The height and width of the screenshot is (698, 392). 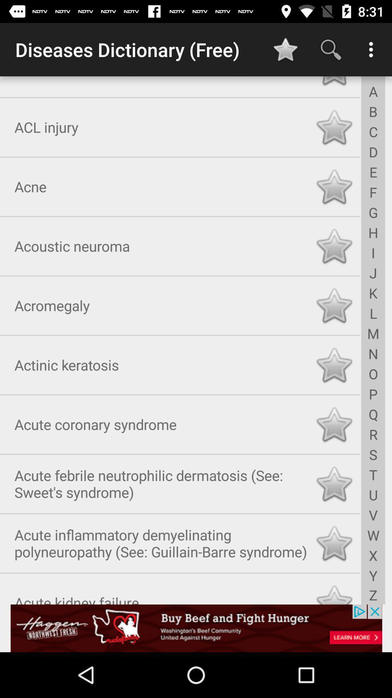 I want to click on click advertisement, so click(x=196, y=628).